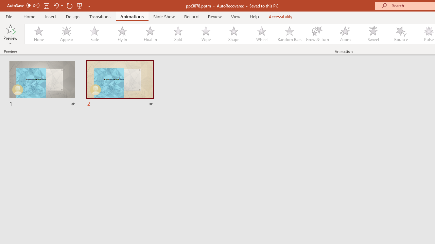 The width and height of the screenshot is (435, 244). Describe the element at coordinates (373, 34) in the screenshot. I see `'Swivel'` at that location.